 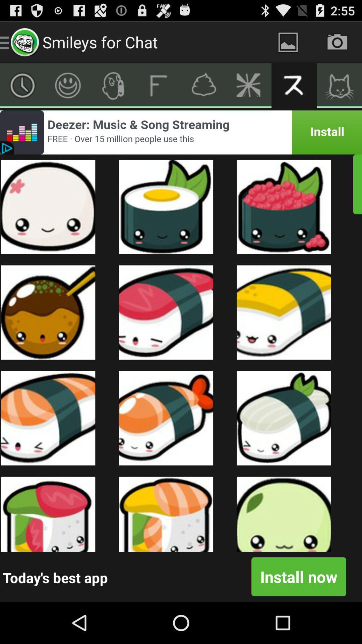 I want to click on smile emoji, so click(x=68, y=85).